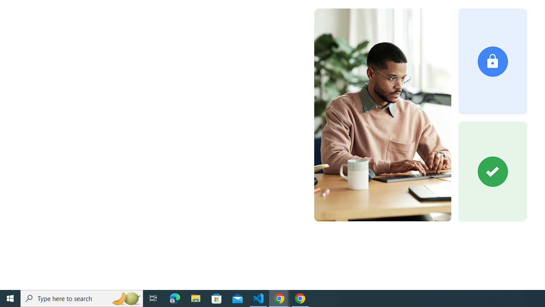 Image resolution: width=545 pixels, height=307 pixels. I want to click on 'Microsoft Store', so click(217, 298).